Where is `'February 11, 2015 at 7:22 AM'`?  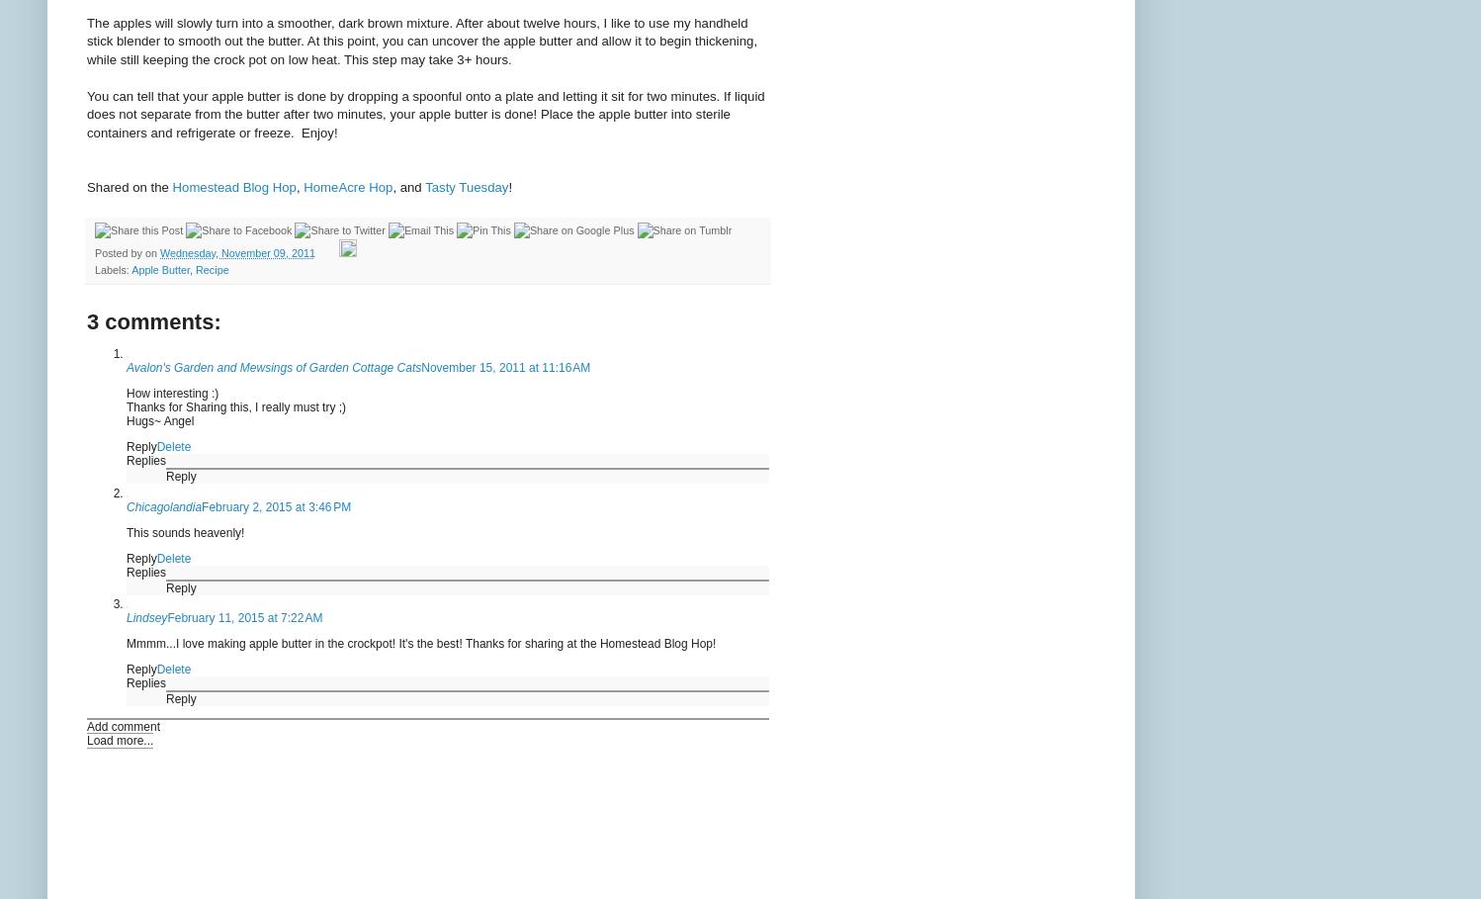
'February 11, 2015 at 7:22 AM' is located at coordinates (244, 618).